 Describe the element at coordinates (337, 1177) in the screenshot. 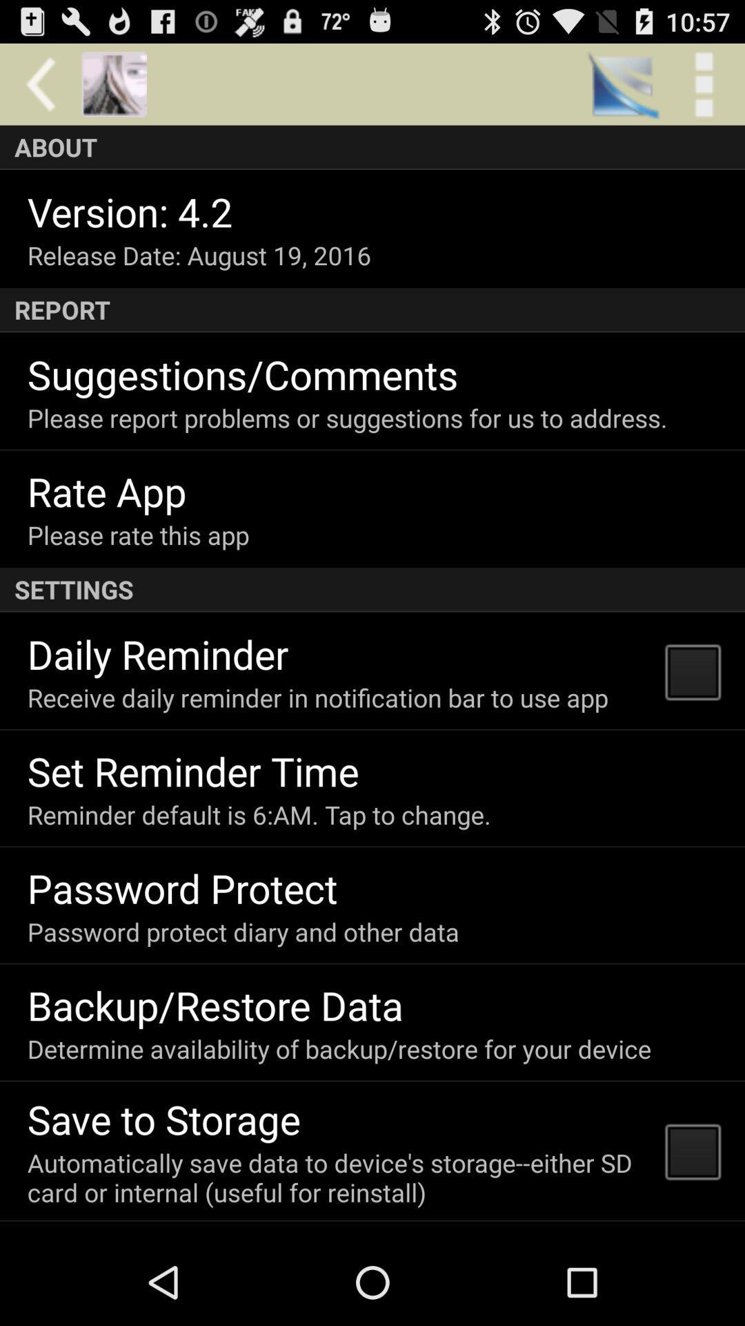

I see `automatically save data icon` at that location.